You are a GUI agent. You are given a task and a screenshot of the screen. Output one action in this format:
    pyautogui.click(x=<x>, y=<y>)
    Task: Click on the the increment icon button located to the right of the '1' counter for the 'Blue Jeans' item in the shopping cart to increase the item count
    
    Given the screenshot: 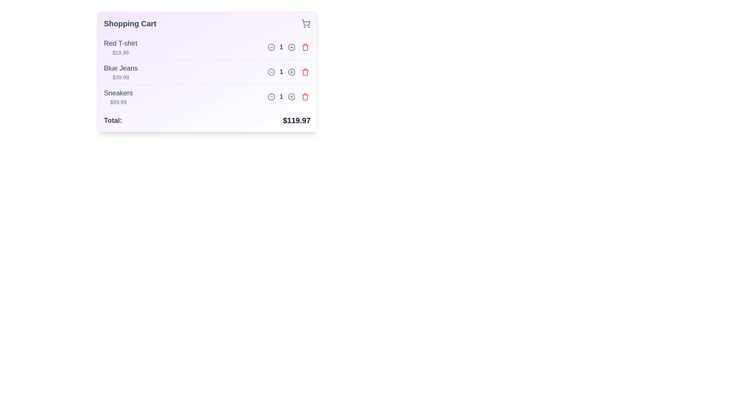 What is the action you would take?
    pyautogui.click(x=291, y=72)
    